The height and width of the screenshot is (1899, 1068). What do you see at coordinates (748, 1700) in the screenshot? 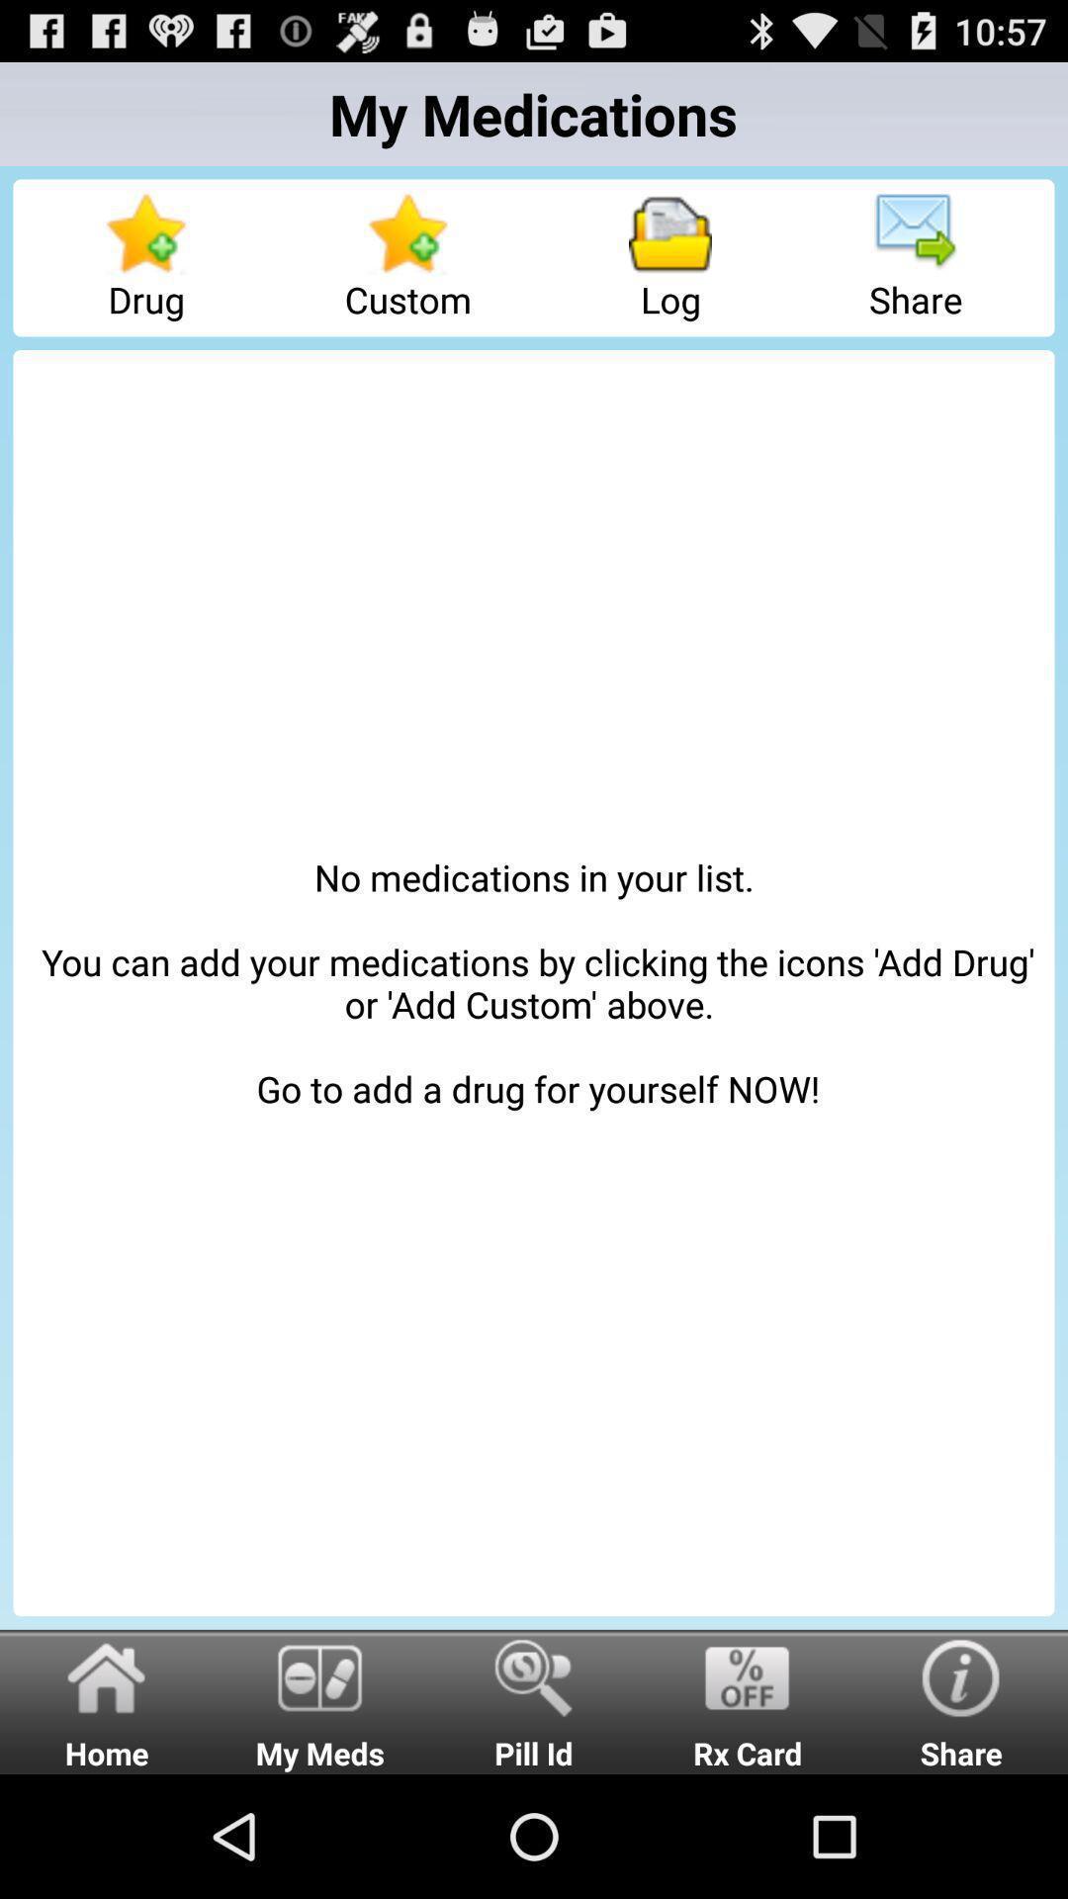
I see `the radio button next to the share` at bounding box center [748, 1700].